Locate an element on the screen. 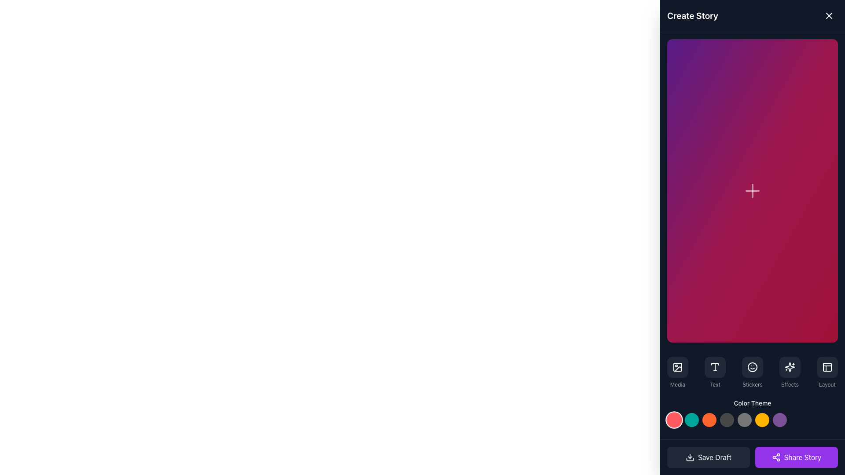 The height and width of the screenshot is (475, 845). the sixth button in the color theme selection row is located at coordinates (762, 419).